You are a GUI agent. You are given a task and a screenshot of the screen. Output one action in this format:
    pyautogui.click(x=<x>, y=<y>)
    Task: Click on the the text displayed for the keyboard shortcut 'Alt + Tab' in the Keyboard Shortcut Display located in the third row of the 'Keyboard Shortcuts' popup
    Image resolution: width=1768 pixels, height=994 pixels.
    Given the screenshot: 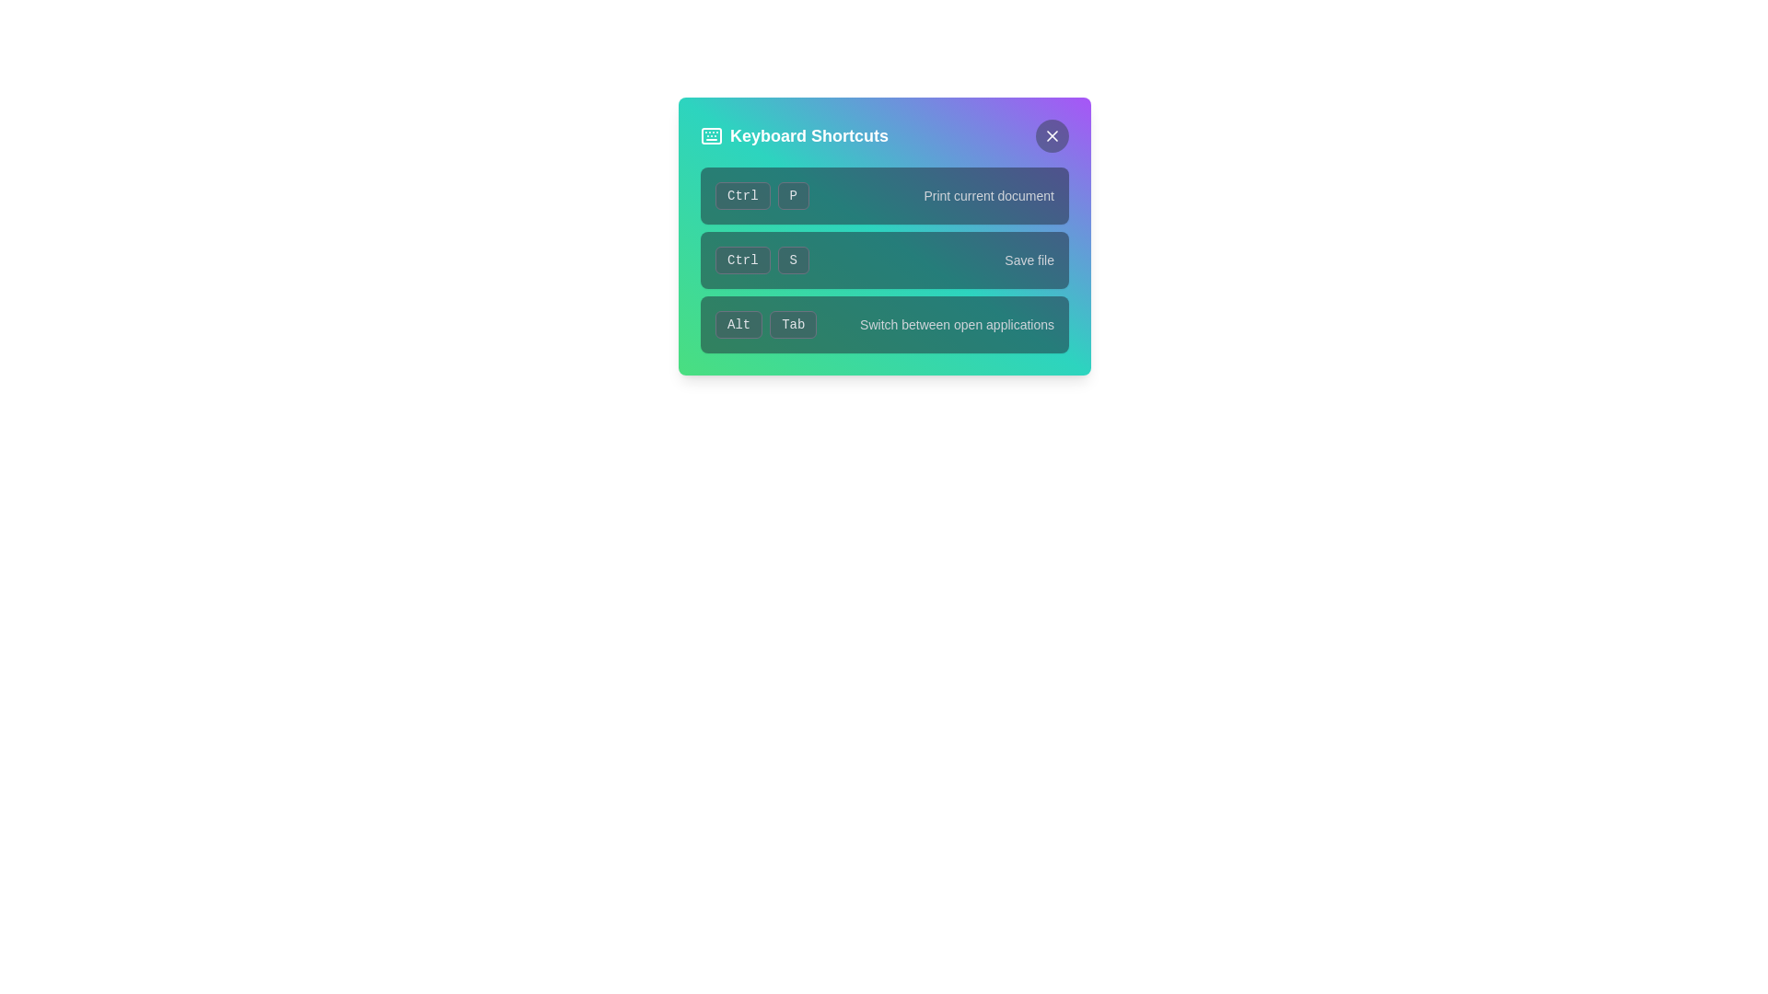 What is the action you would take?
    pyautogui.click(x=884, y=324)
    